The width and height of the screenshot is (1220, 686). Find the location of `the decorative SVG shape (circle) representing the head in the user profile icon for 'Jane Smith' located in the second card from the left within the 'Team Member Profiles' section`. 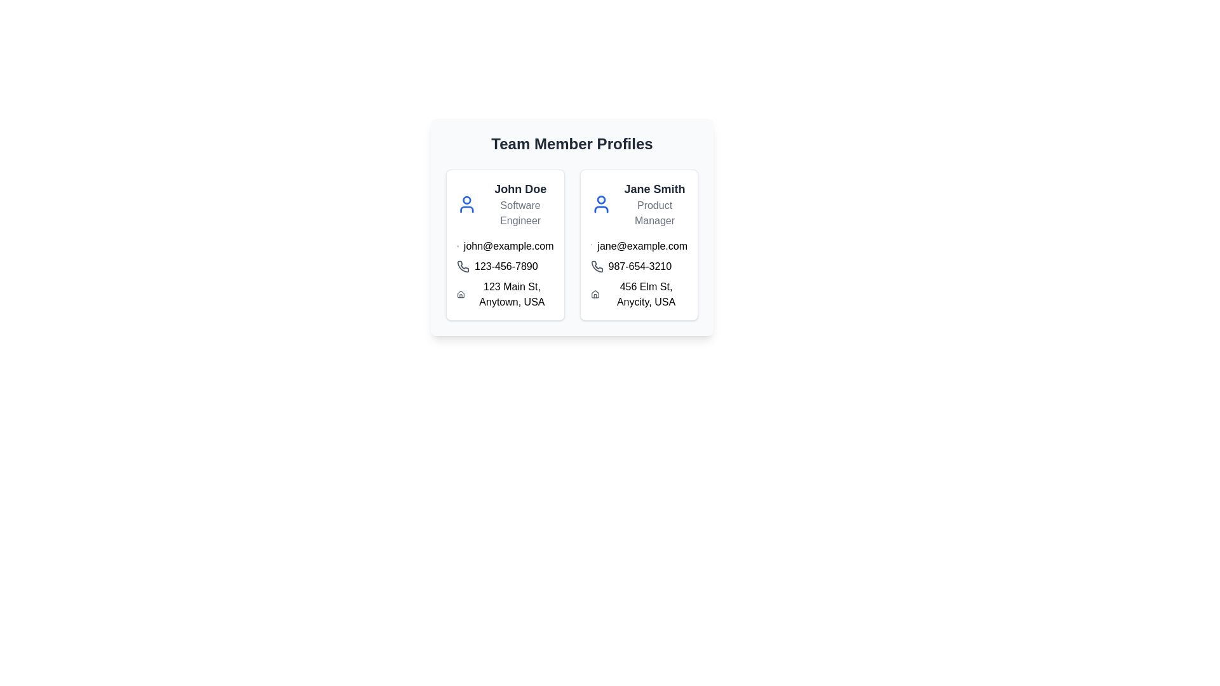

the decorative SVG shape (circle) representing the head in the user profile icon for 'Jane Smith' located in the second card from the left within the 'Team Member Profiles' section is located at coordinates (600, 200).